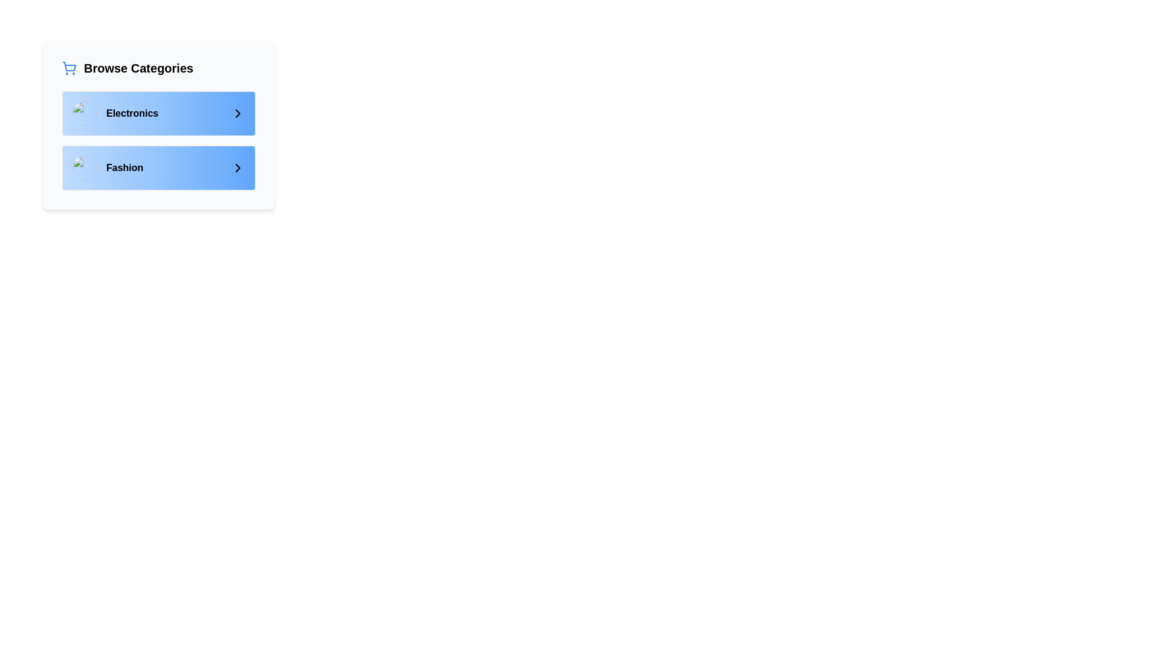 This screenshot has width=1160, height=653. What do you see at coordinates (83, 167) in the screenshot?
I see `the circular image placeholder located within the 'Fashion' button, which is styled with a class of 'h-10 w-10 rounded-full'` at bounding box center [83, 167].